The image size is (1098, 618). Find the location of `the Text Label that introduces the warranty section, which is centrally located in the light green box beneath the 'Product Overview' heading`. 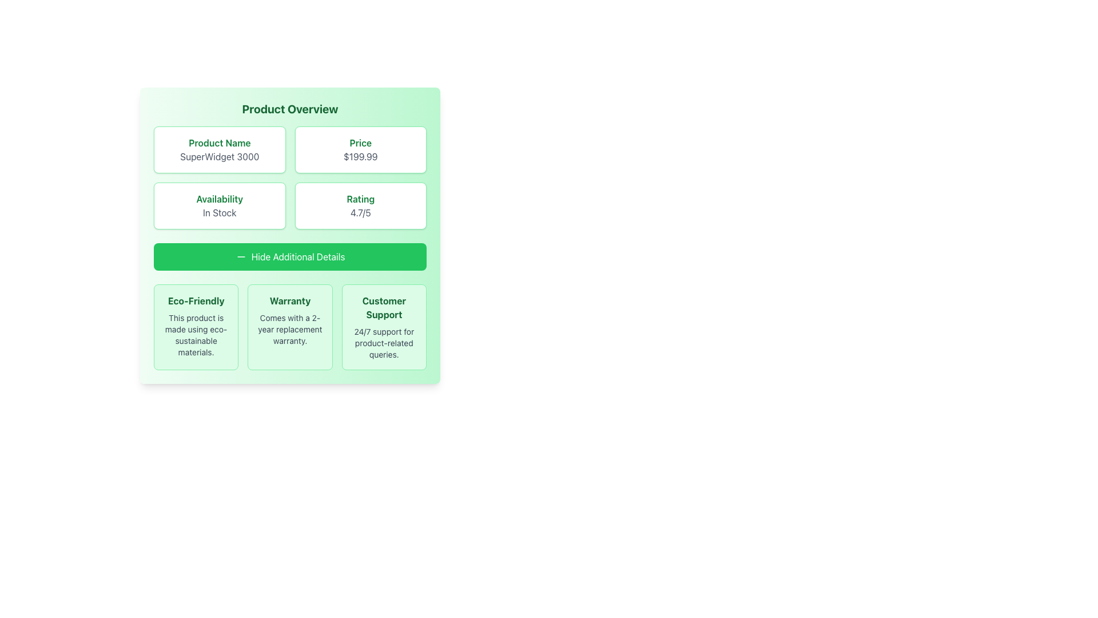

the Text Label that introduces the warranty section, which is centrally located in the light green box beneath the 'Product Overview' heading is located at coordinates (290, 300).